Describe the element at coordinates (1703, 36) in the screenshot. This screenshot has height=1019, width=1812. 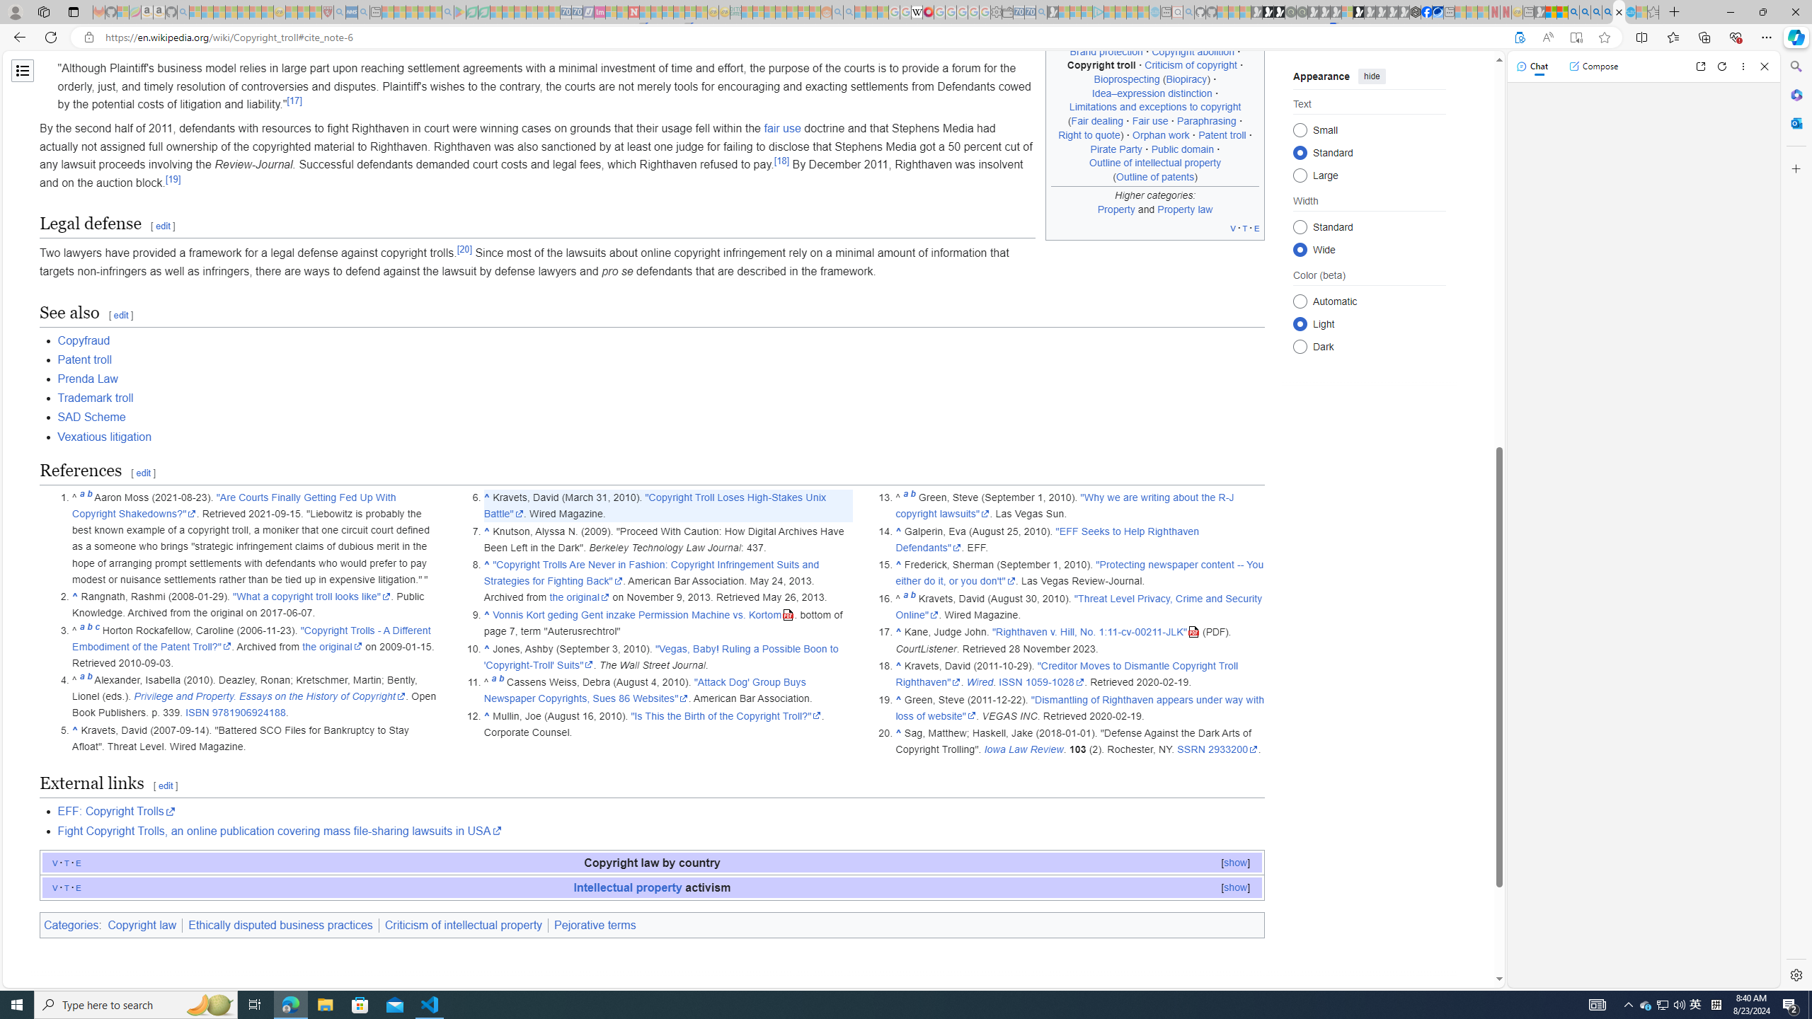
I see `'Collections'` at that location.